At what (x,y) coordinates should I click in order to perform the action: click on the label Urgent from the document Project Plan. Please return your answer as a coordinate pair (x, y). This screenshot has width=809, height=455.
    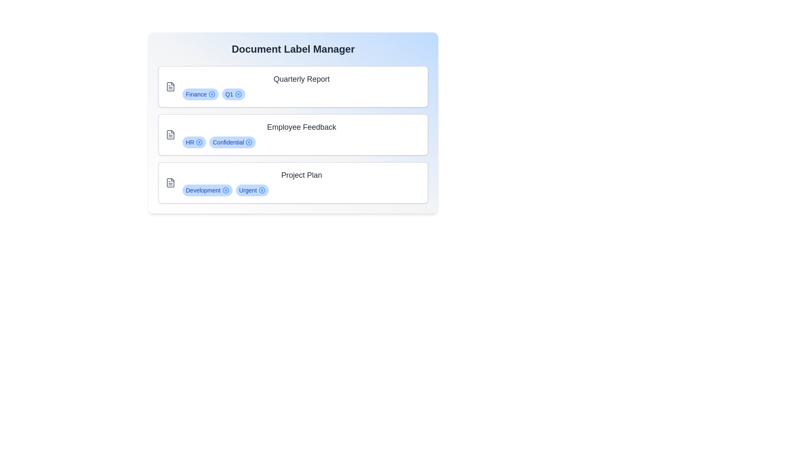
    Looking at the image, I should click on (261, 190).